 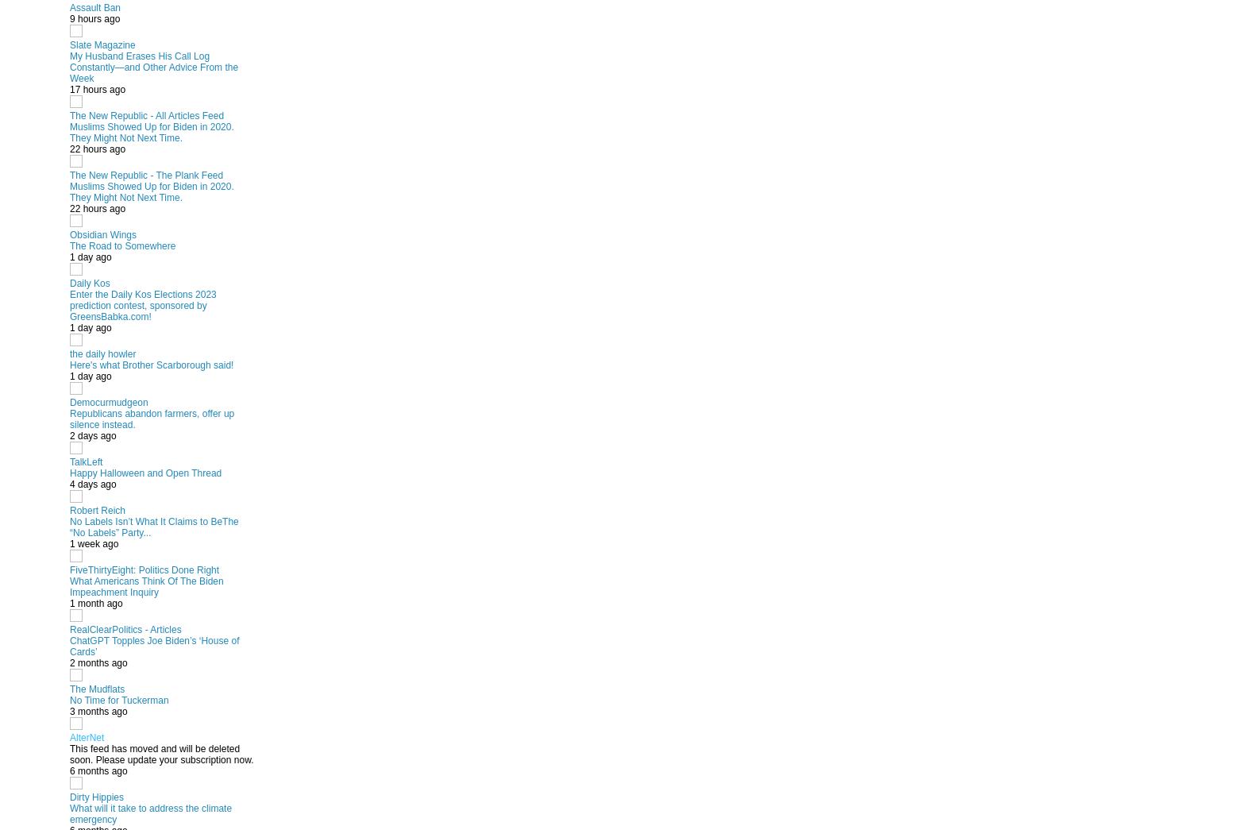 I want to click on 'AlterNet', so click(x=86, y=736).